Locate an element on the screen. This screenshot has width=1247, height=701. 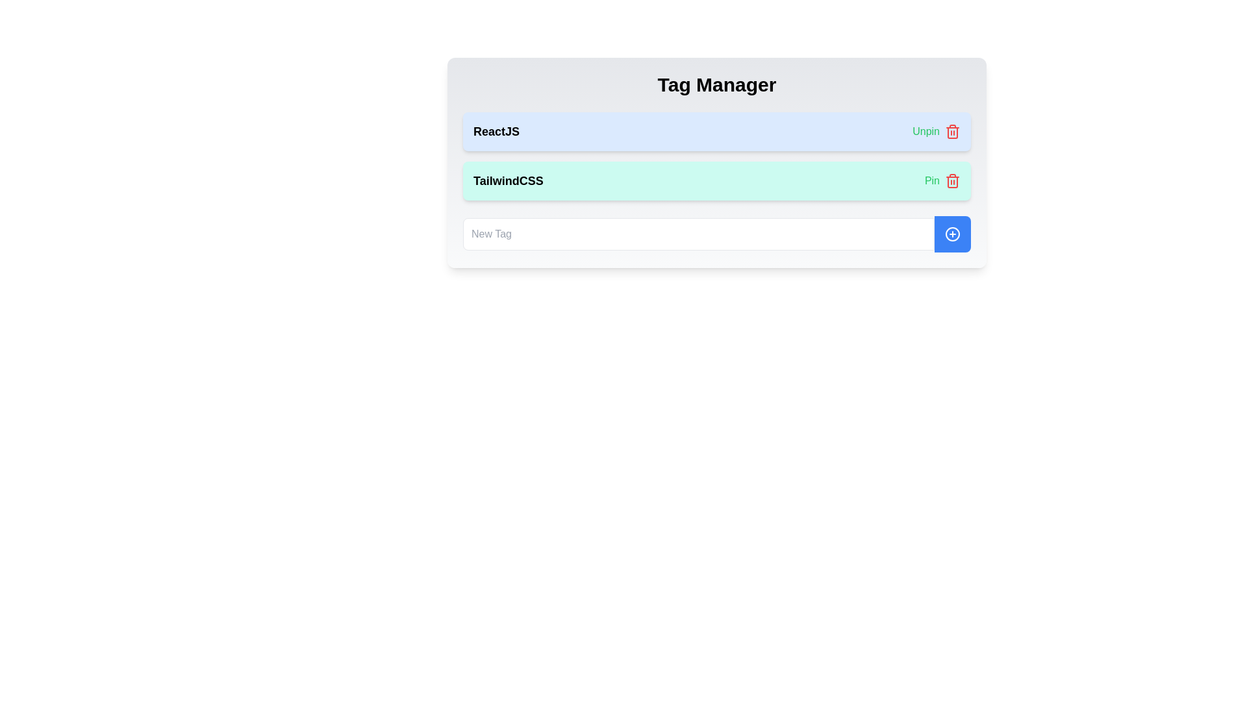
text from the 'ReactJS' text label, which is the first text in a blue-highlighted area at the top of the Tag Manager section is located at coordinates (496, 132).